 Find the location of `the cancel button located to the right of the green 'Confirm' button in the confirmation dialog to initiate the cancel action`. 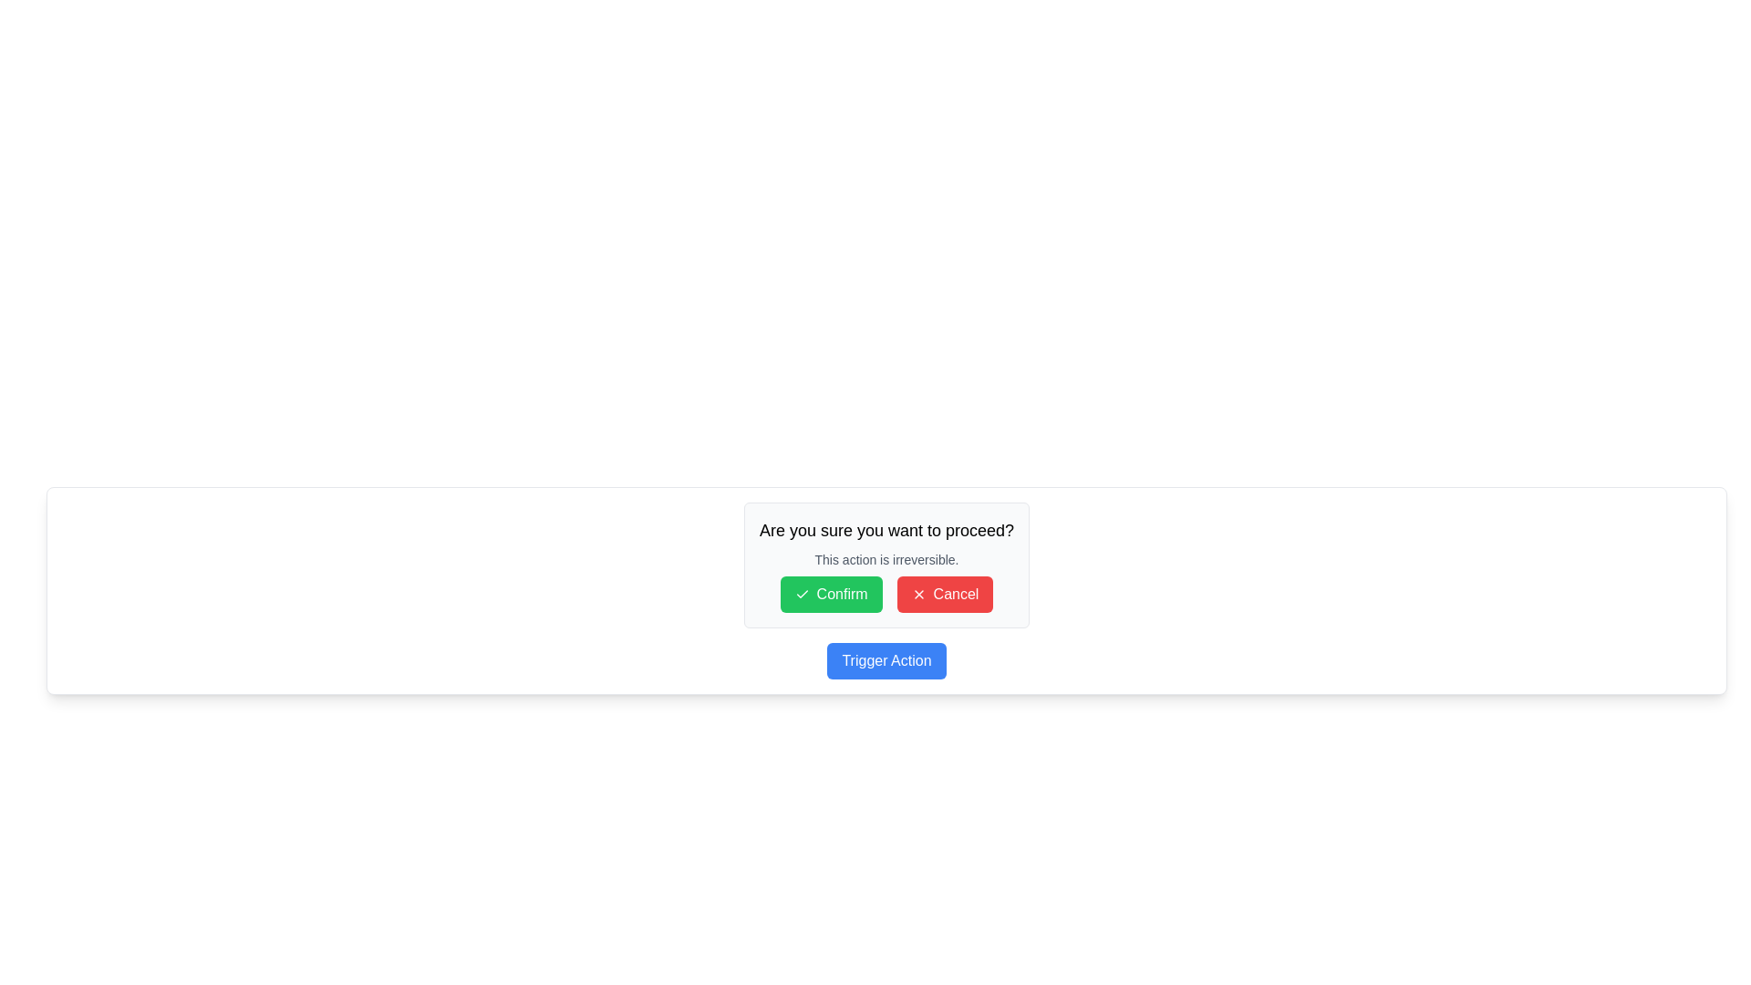

the cancel button located to the right of the green 'Confirm' button in the confirmation dialog to initiate the cancel action is located at coordinates (945, 594).